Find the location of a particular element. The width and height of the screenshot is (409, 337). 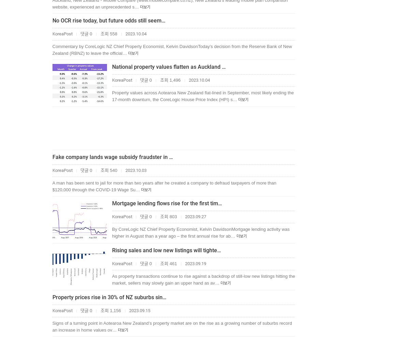

'A man has been sent to jail for more than two years after he created a company to defraud taxpayers of more than $120,000 through the COVID-19 Wage Su…' is located at coordinates (164, 186).